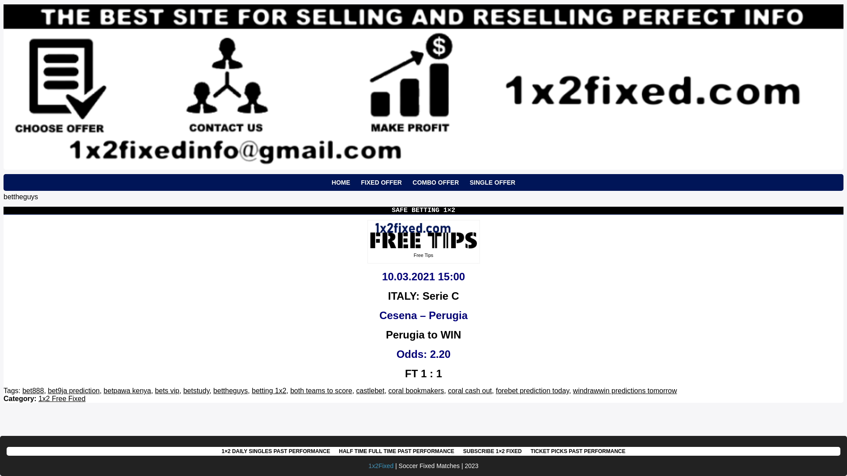 Image resolution: width=847 pixels, height=476 pixels. I want to click on 'bet888', so click(22, 390).